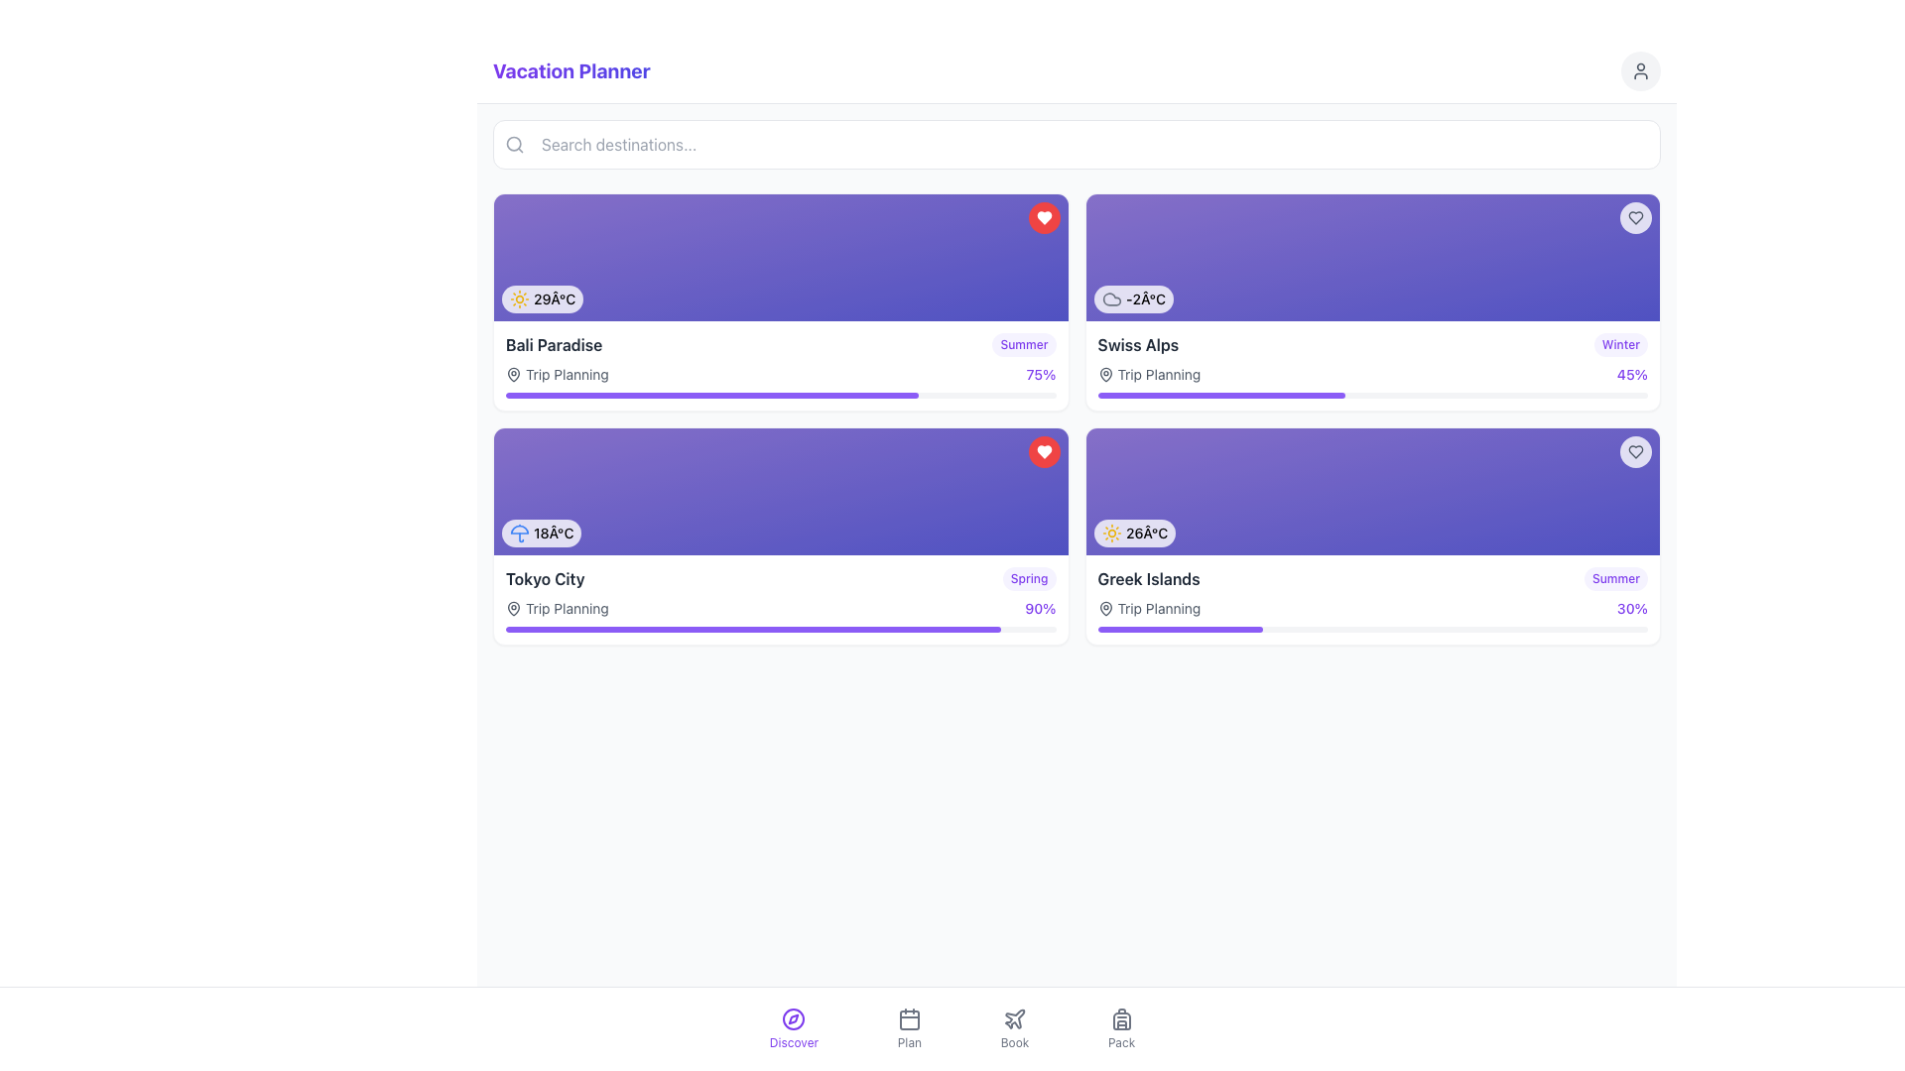  I want to click on the 'Discover' button located in the bottom navigation bar, which is the first button from the left, so click(794, 1027).